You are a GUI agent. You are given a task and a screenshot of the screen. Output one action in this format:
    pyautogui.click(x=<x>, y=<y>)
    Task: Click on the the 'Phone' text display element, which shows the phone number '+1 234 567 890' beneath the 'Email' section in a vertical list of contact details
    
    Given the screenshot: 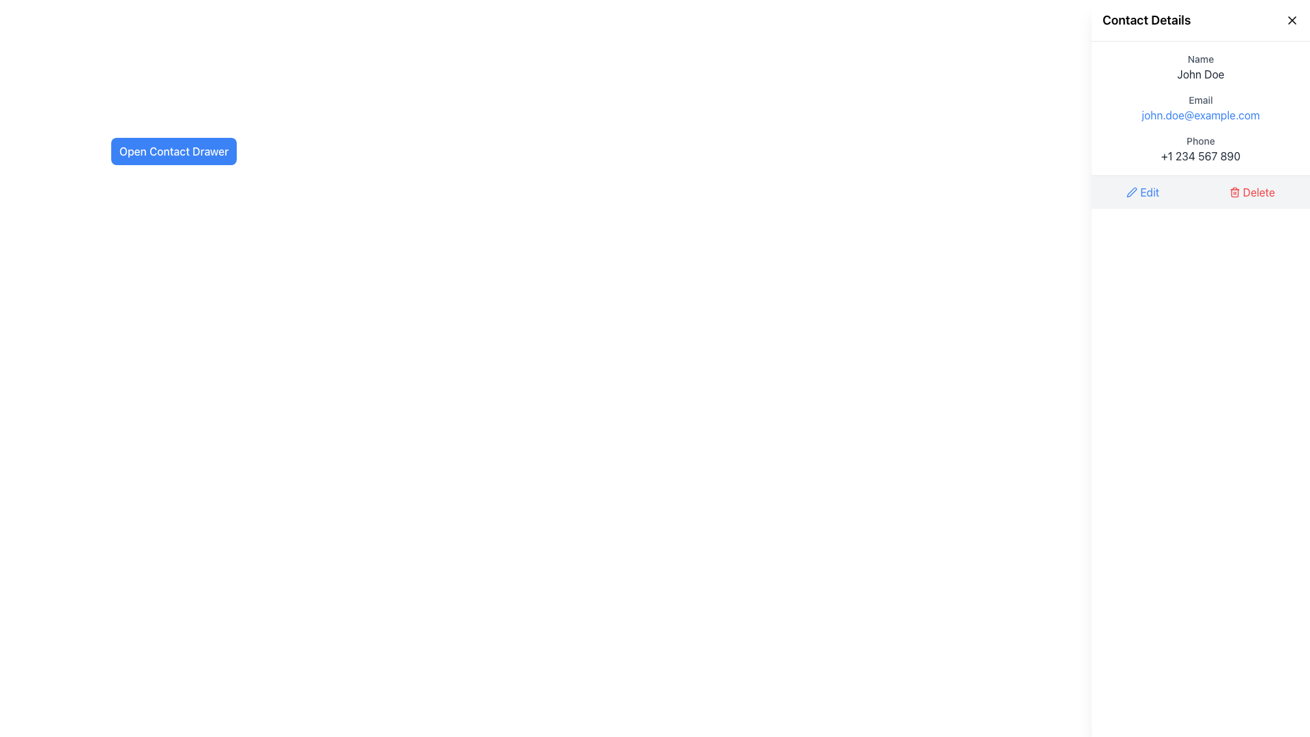 What is the action you would take?
    pyautogui.click(x=1201, y=149)
    